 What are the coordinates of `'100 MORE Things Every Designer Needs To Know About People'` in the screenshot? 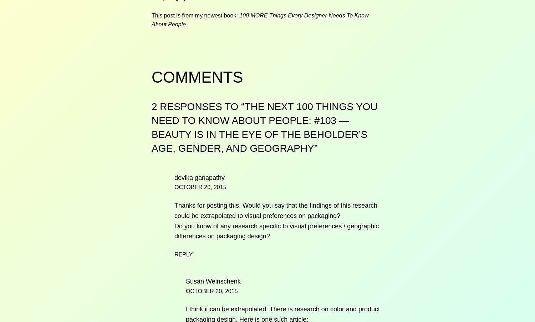 It's located at (260, 19).